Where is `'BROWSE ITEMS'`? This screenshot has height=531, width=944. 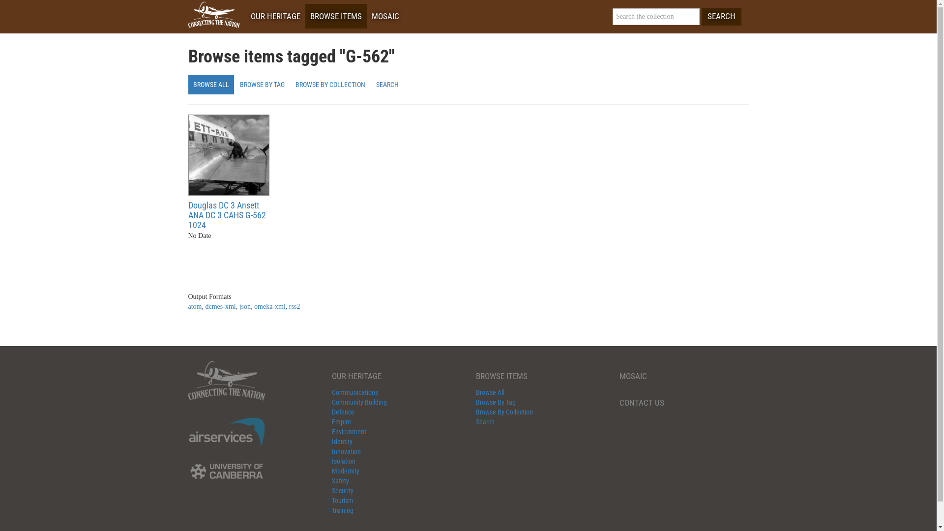 'BROWSE ITEMS' is located at coordinates (304, 16).